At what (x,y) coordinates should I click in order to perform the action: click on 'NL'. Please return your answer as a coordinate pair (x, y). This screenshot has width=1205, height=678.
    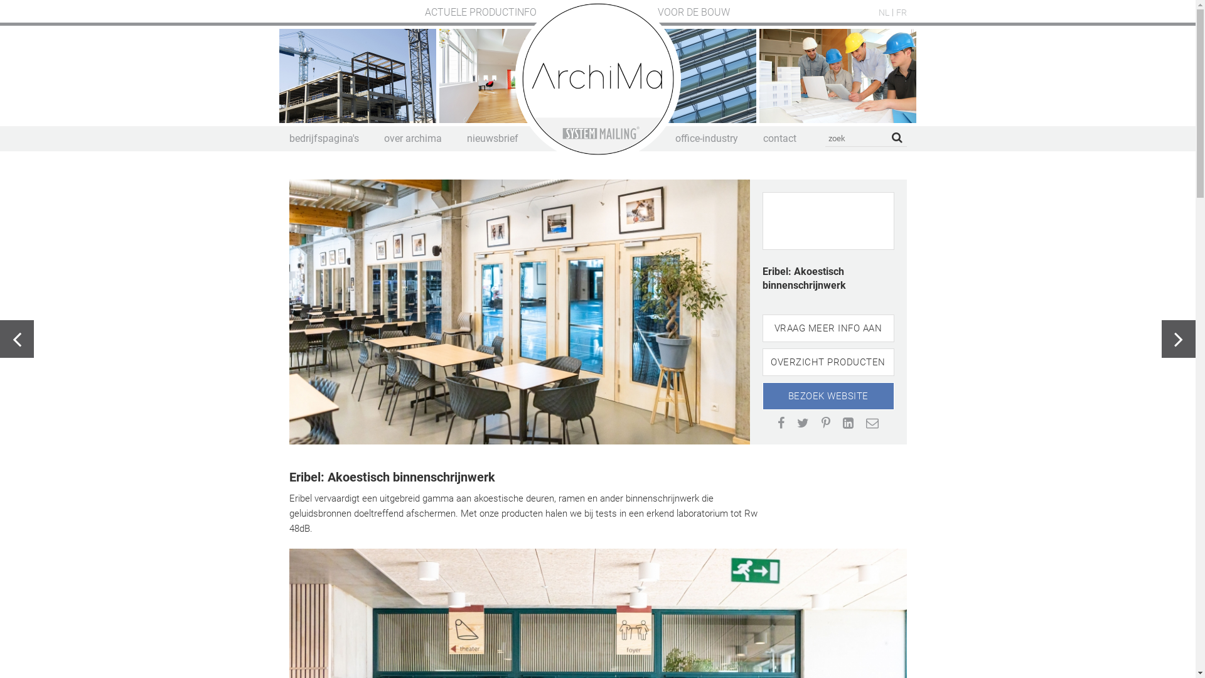
    Looking at the image, I should click on (883, 12).